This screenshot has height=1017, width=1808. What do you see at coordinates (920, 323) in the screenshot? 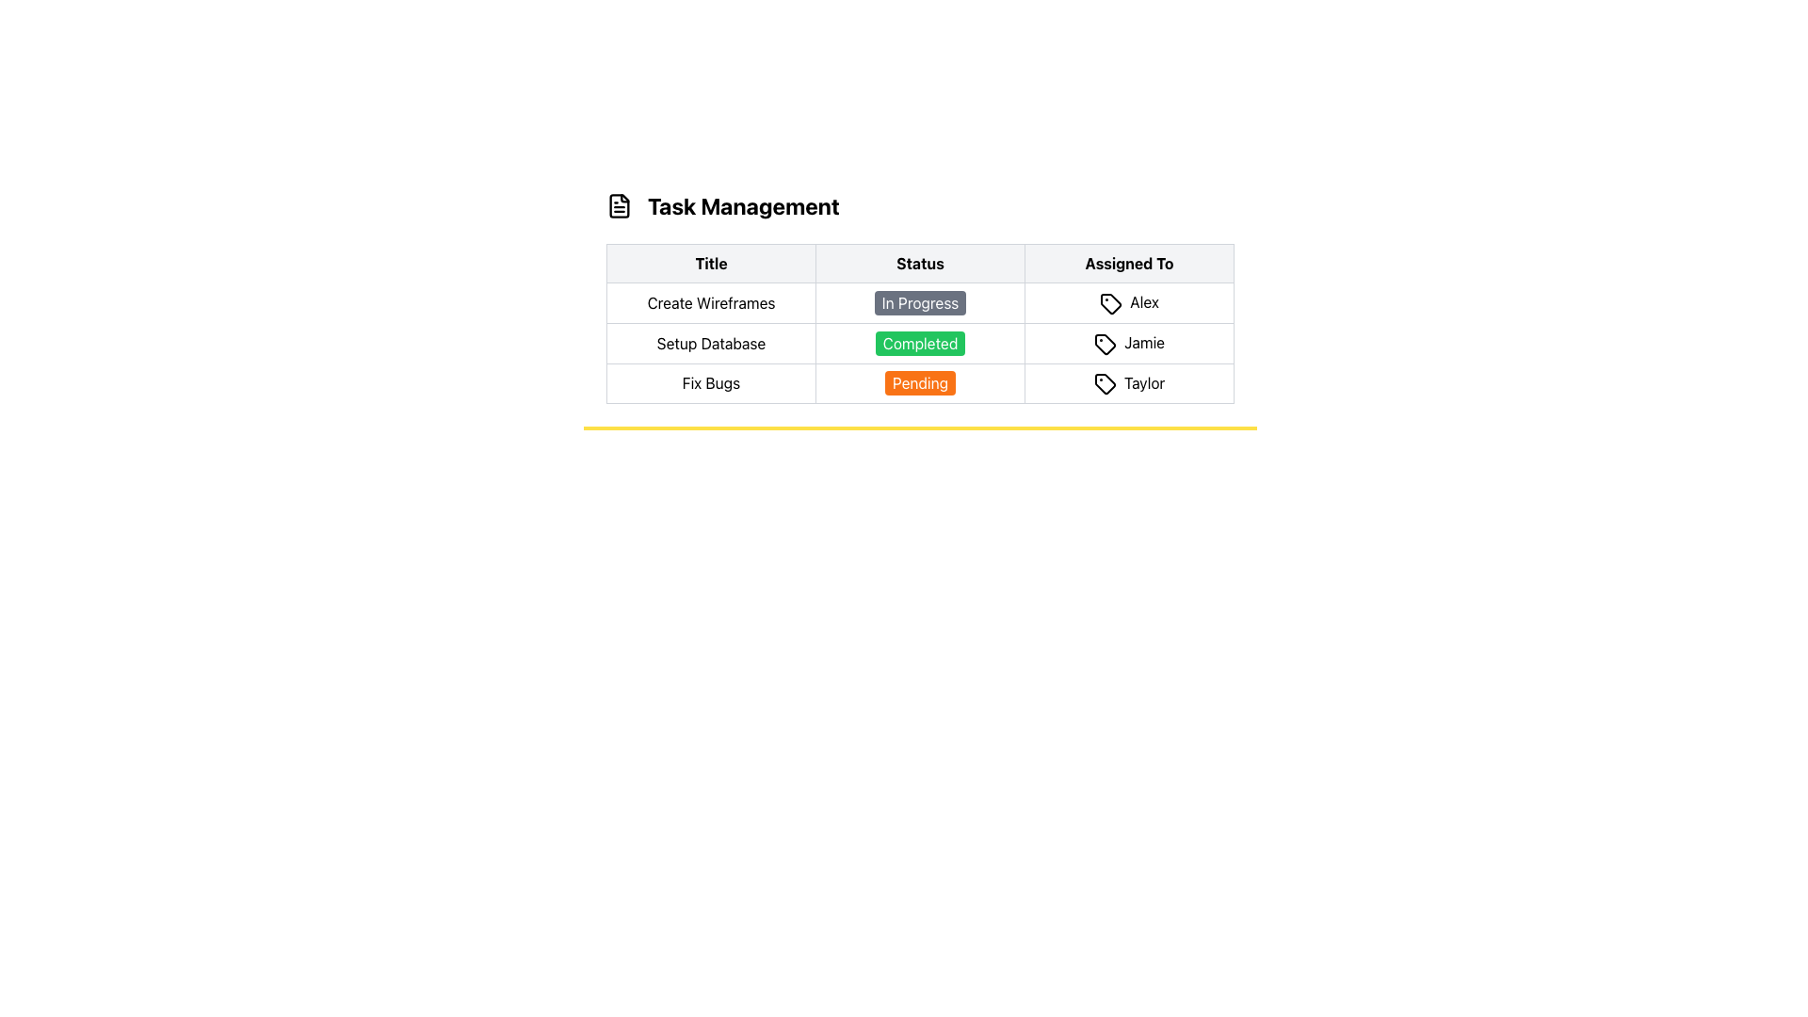
I see `a cell in the task management table` at bounding box center [920, 323].